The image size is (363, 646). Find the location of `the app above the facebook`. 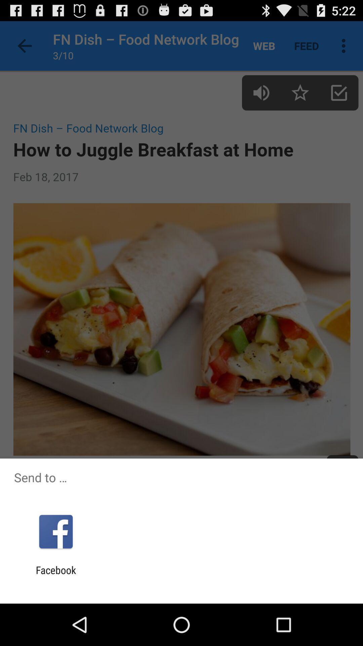

the app above the facebook is located at coordinates (55, 531).